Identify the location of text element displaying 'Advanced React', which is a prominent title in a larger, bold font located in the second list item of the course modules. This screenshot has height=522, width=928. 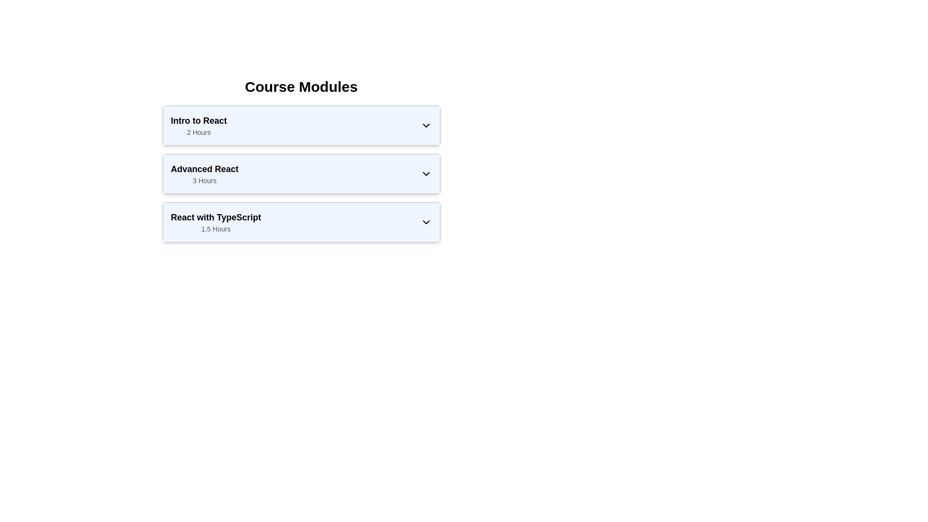
(204, 169).